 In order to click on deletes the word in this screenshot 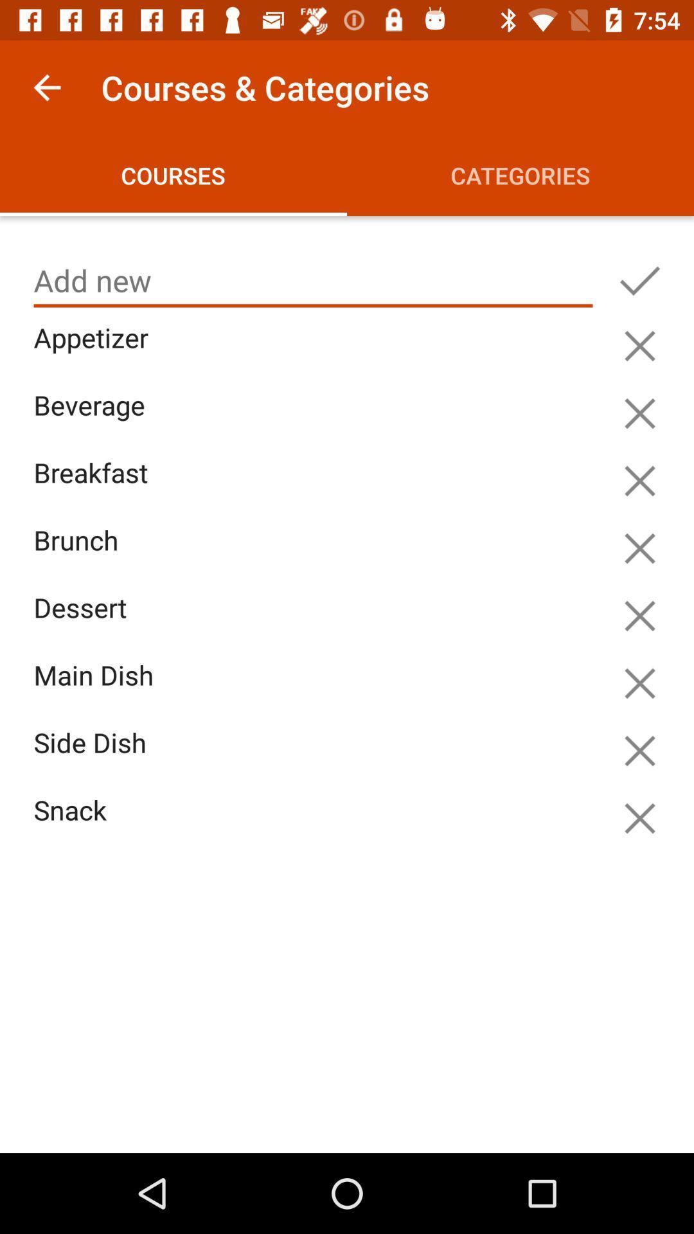, I will do `click(639, 548)`.